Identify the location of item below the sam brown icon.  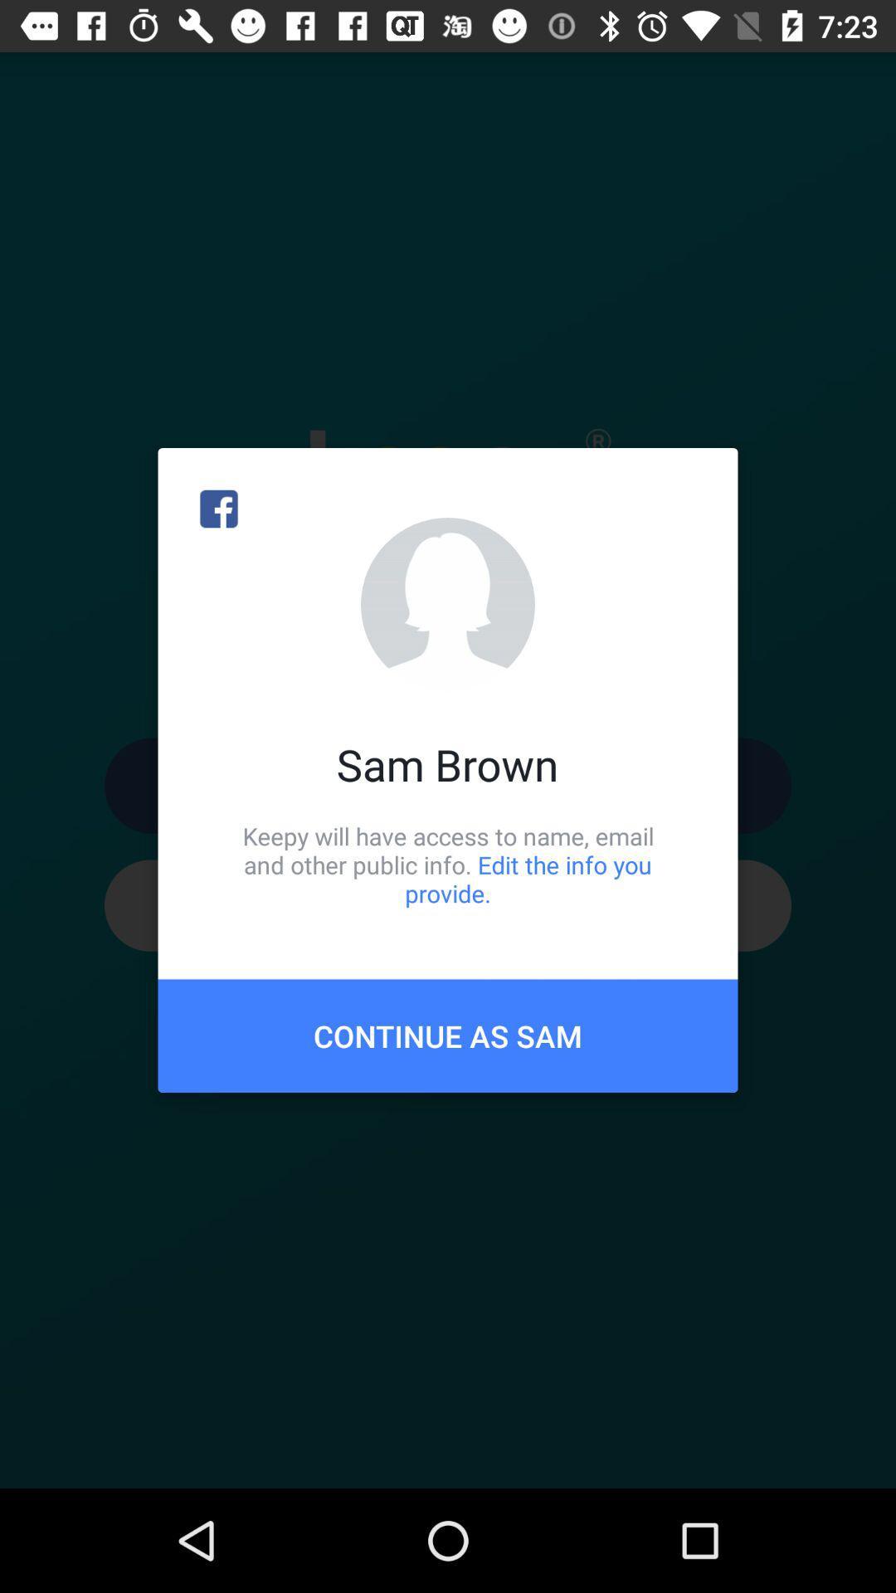
(448, 864).